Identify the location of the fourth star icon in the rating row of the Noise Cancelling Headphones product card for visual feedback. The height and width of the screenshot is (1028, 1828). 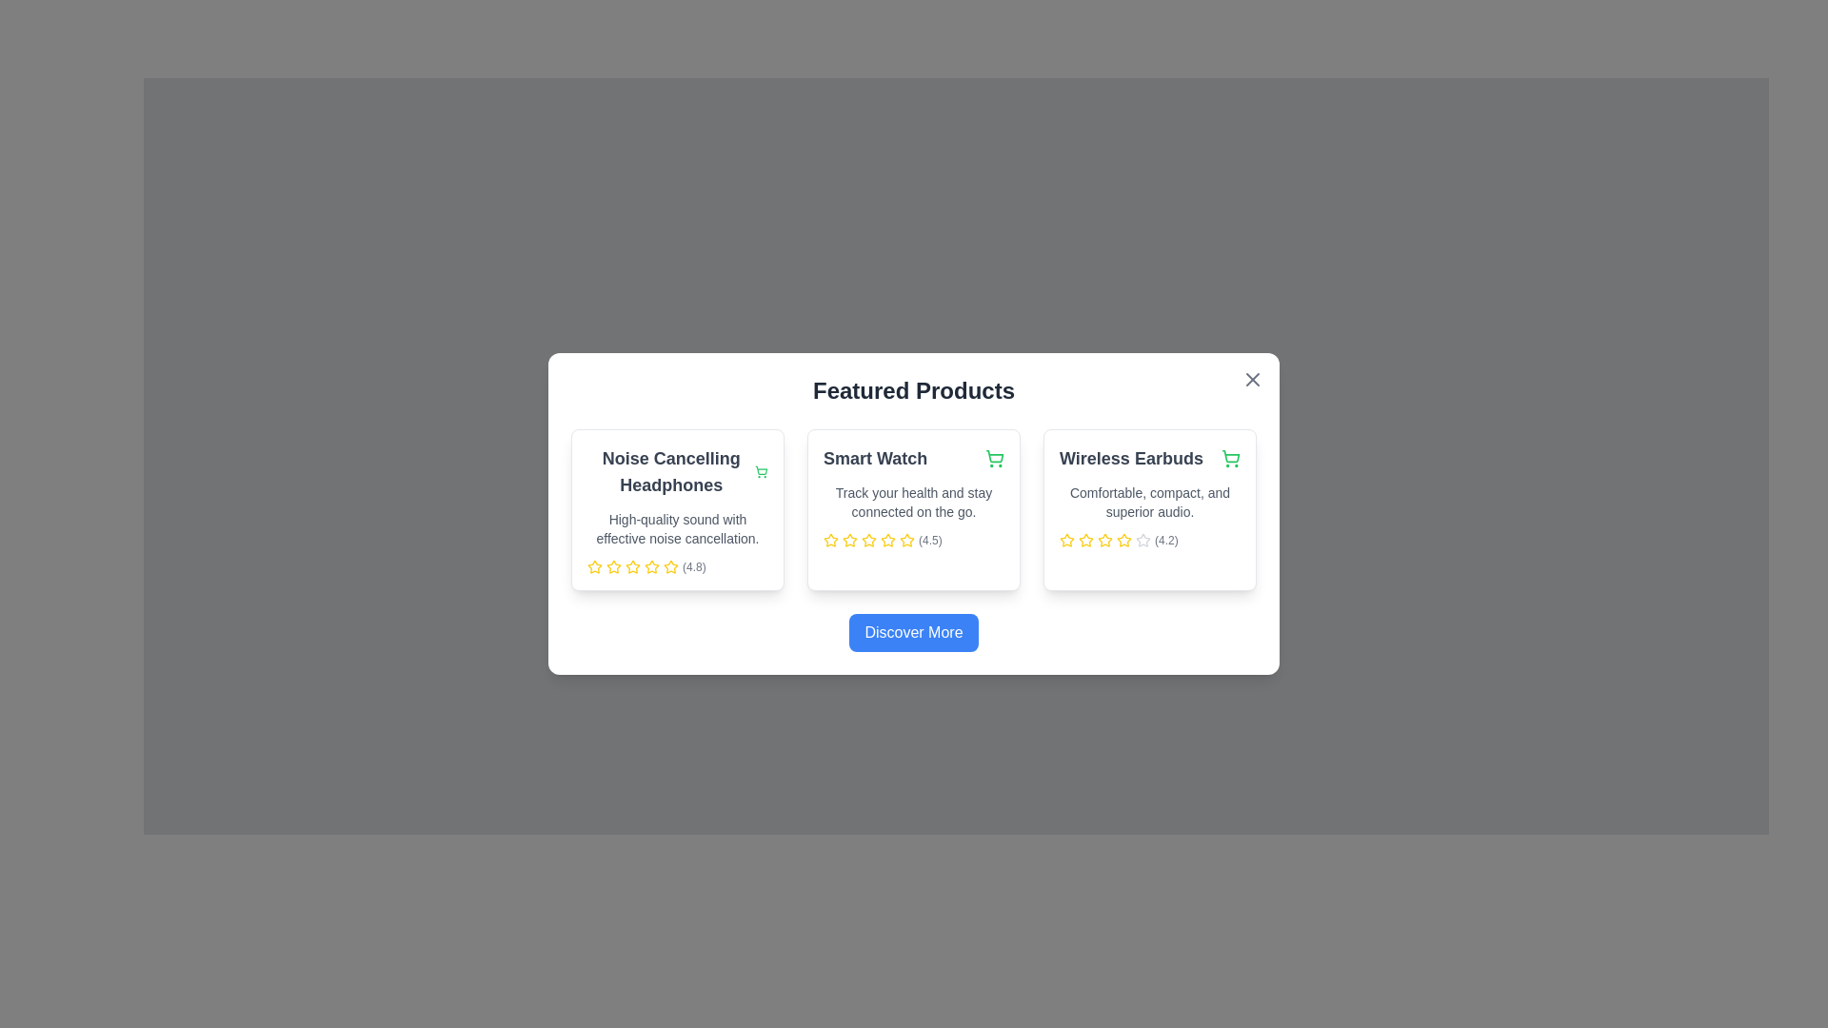
(593, 565).